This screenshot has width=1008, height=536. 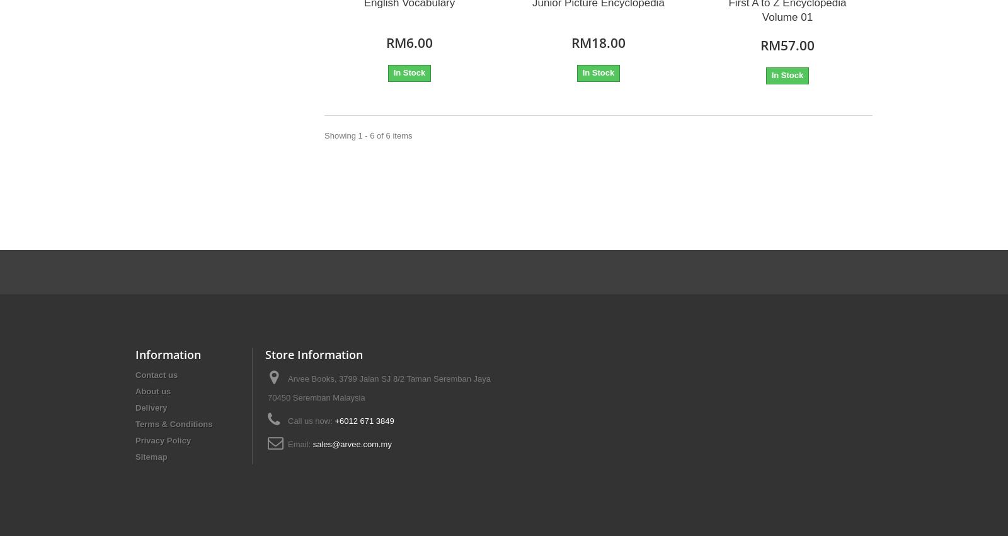 I want to click on 'Arvee Books, 3799 Jalan SJ 8/2 Taman Seremban Jaya 70450 Seremban Malaysia', so click(x=379, y=387).